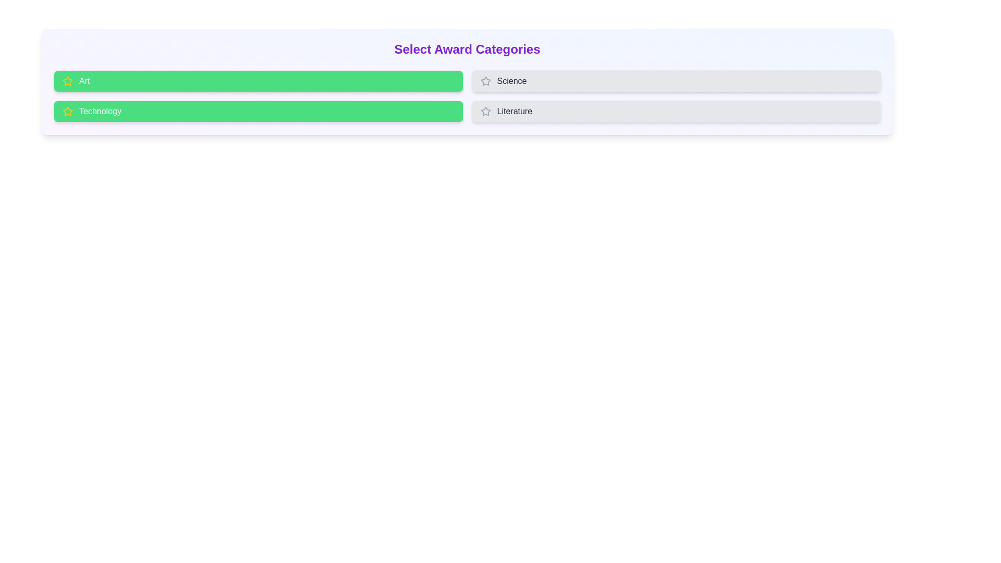 This screenshot has height=563, width=1001. I want to click on the button for Art to observe its hover effect, so click(258, 80).